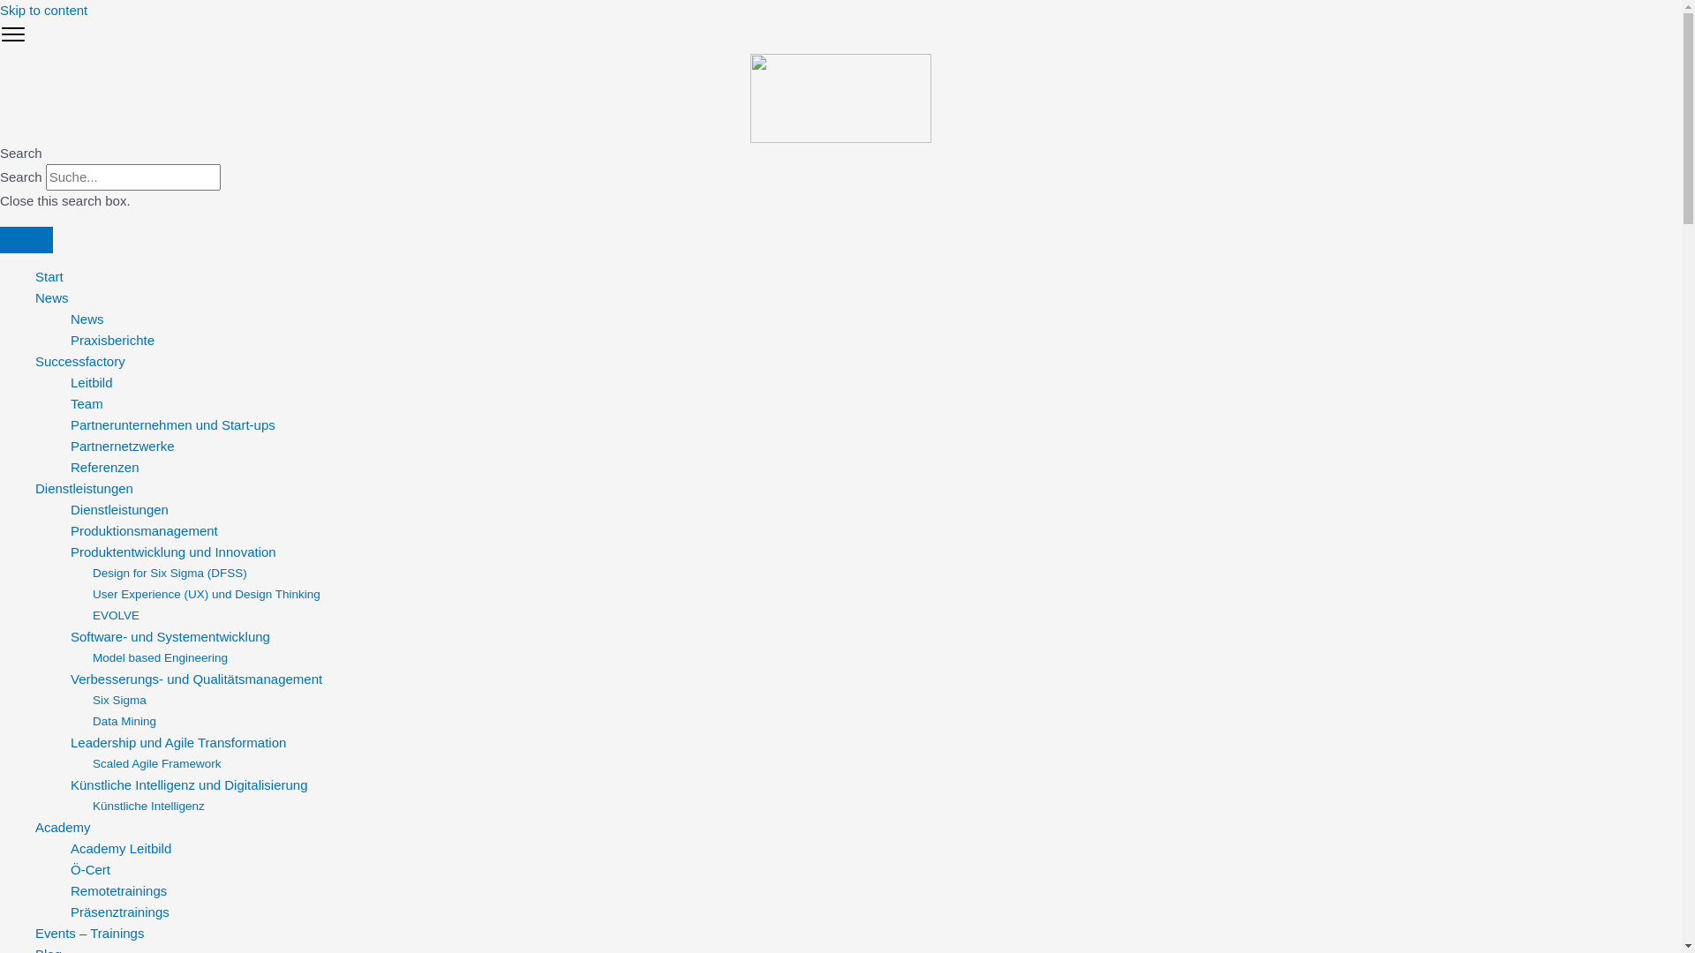  Describe the element at coordinates (122, 445) in the screenshot. I see `'Partnernetzwerke'` at that location.